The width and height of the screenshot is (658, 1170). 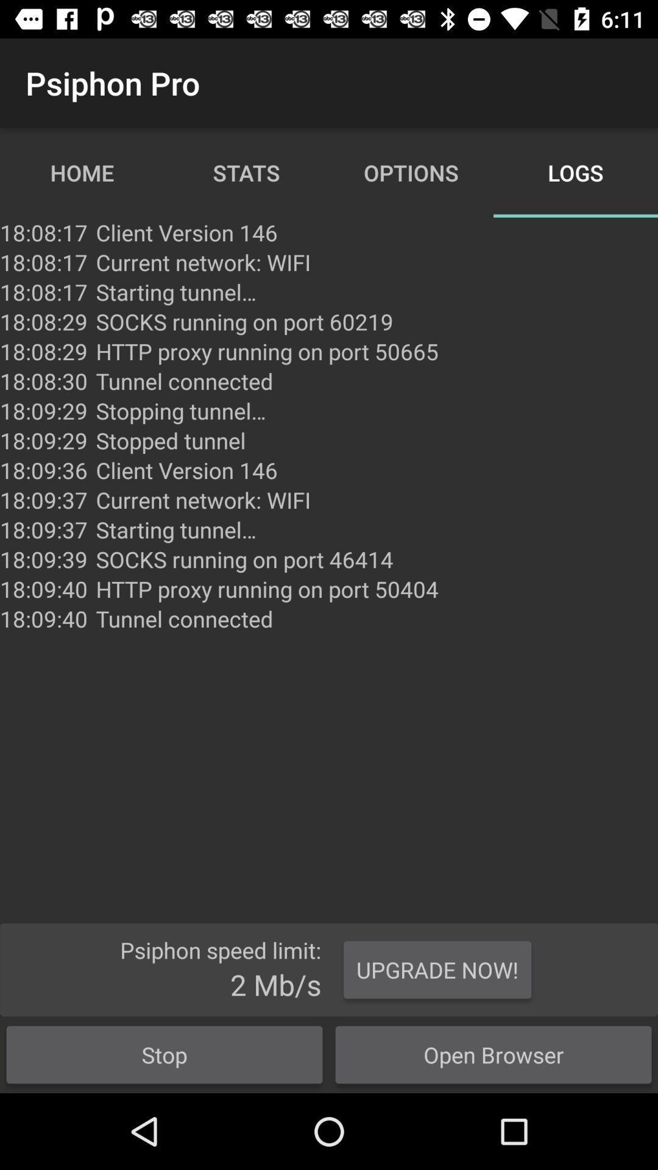 I want to click on icon to the left of open browser button, so click(x=164, y=1054).